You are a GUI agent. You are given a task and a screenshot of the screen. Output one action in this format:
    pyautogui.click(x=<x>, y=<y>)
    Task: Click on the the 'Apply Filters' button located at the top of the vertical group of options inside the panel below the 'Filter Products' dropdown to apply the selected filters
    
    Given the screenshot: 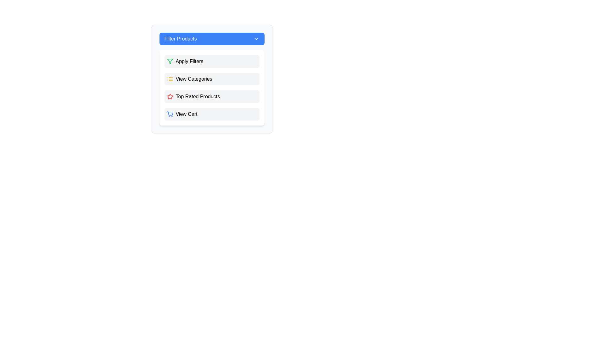 What is the action you would take?
    pyautogui.click(x=212, y=62)
    